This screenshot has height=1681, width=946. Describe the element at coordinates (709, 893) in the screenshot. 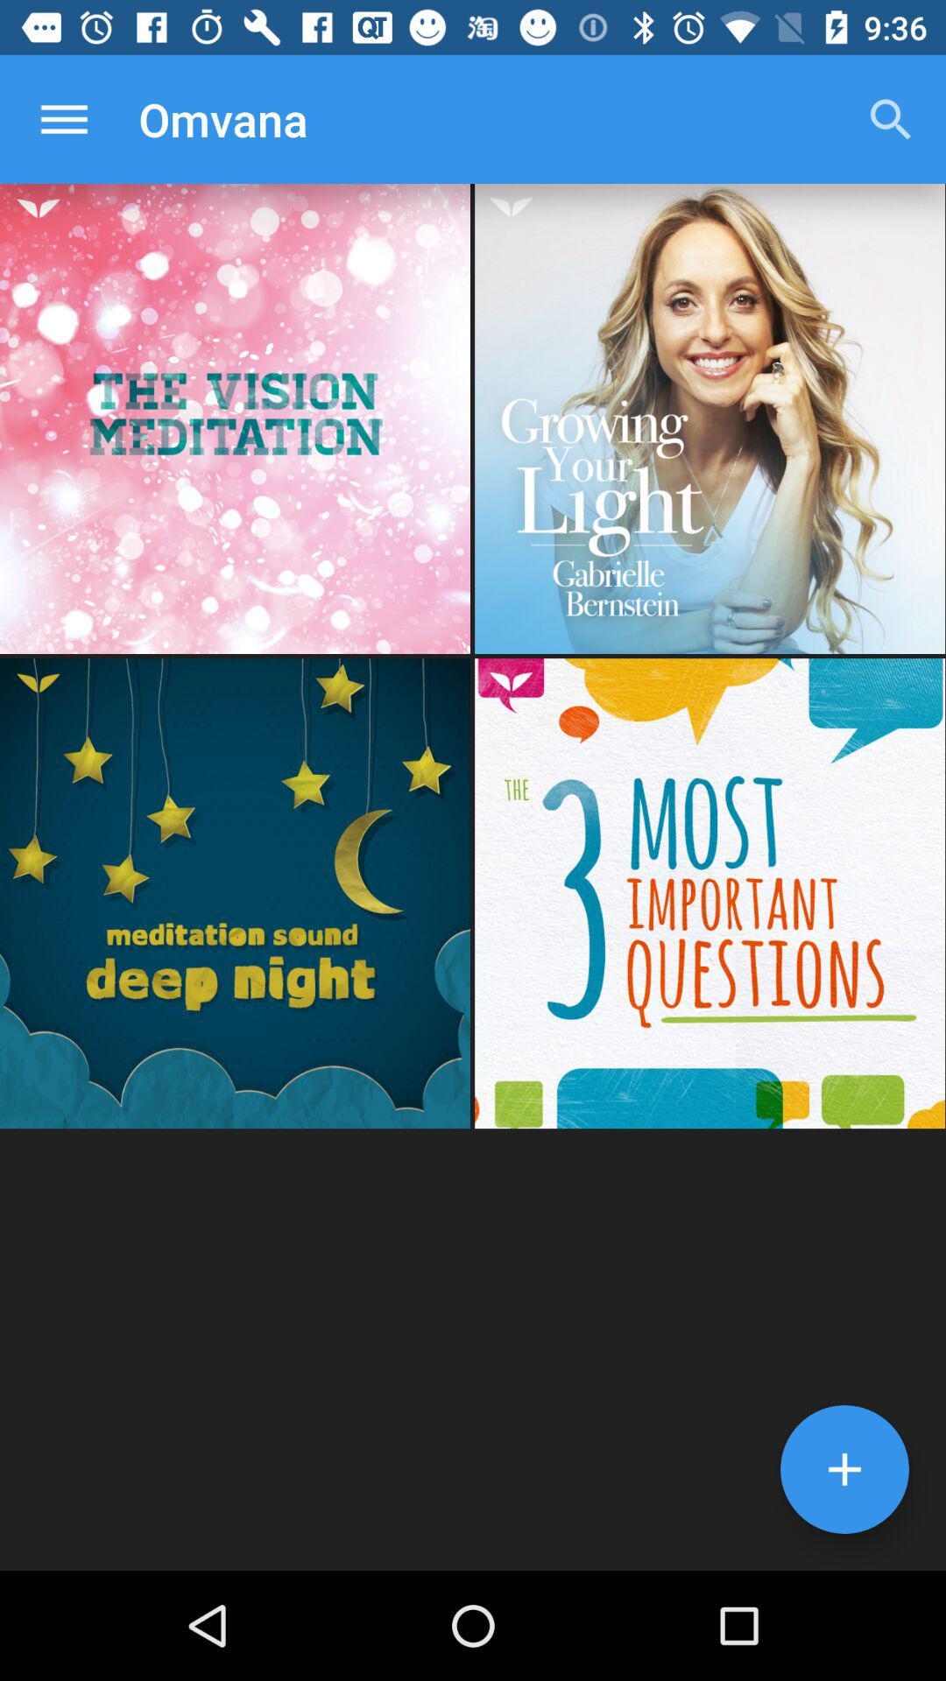

I see `the picture is the second line which is at the right side of the page` at that location.